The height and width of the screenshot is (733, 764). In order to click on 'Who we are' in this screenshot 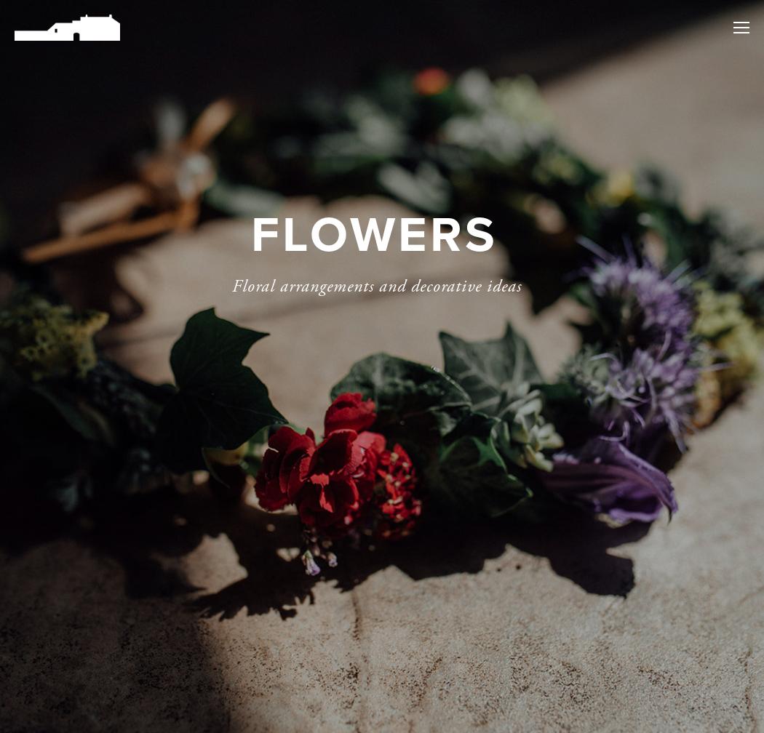, I will do `click(610, 147)`.